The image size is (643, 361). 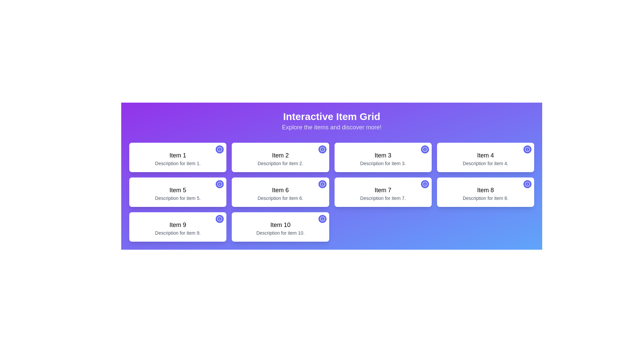 I want to click on the descriptive text area located below the title 'Item 6' in the card positioned in the second row, third column of the grid layout, so click(x=280, y=198).